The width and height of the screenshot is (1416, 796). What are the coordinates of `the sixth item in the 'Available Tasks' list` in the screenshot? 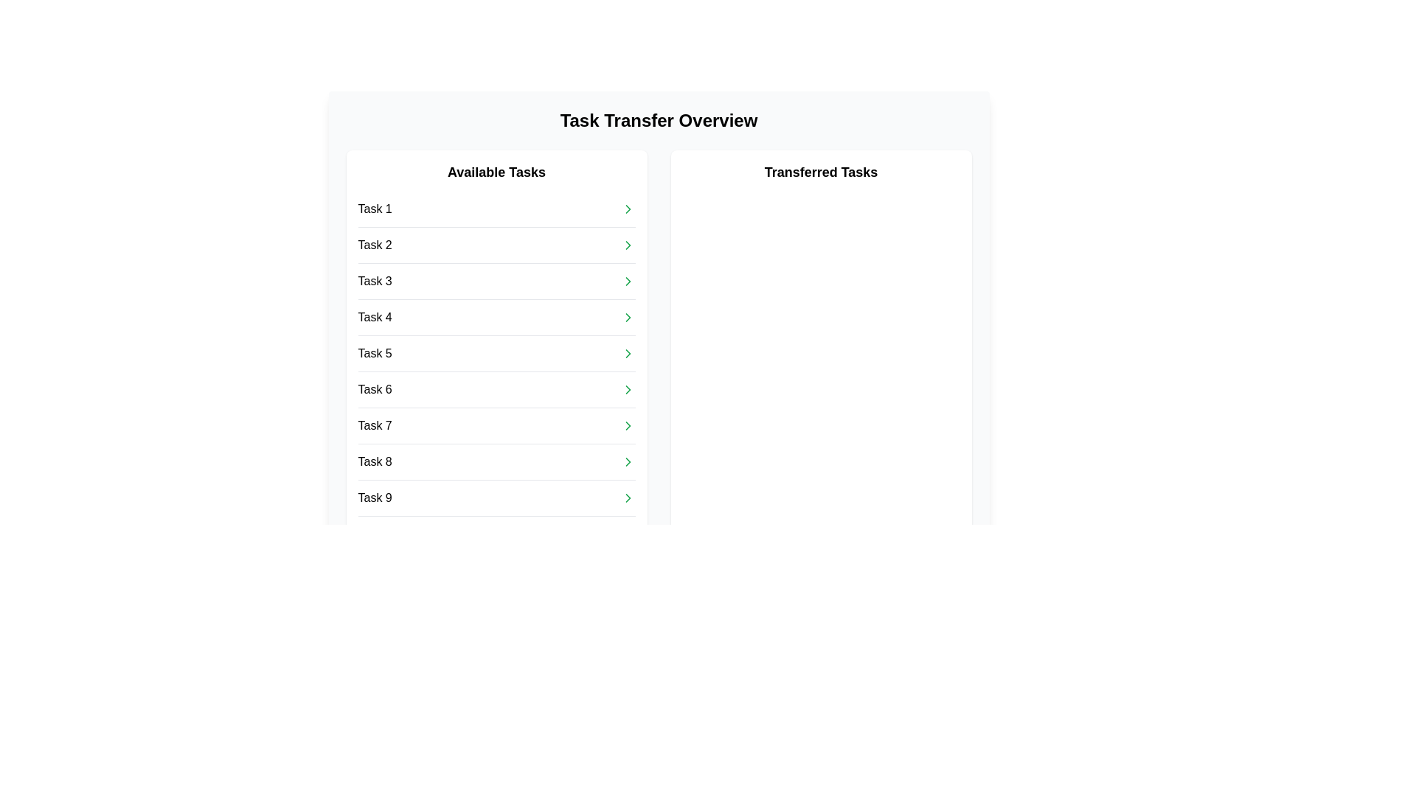 It's located at (496, 389).